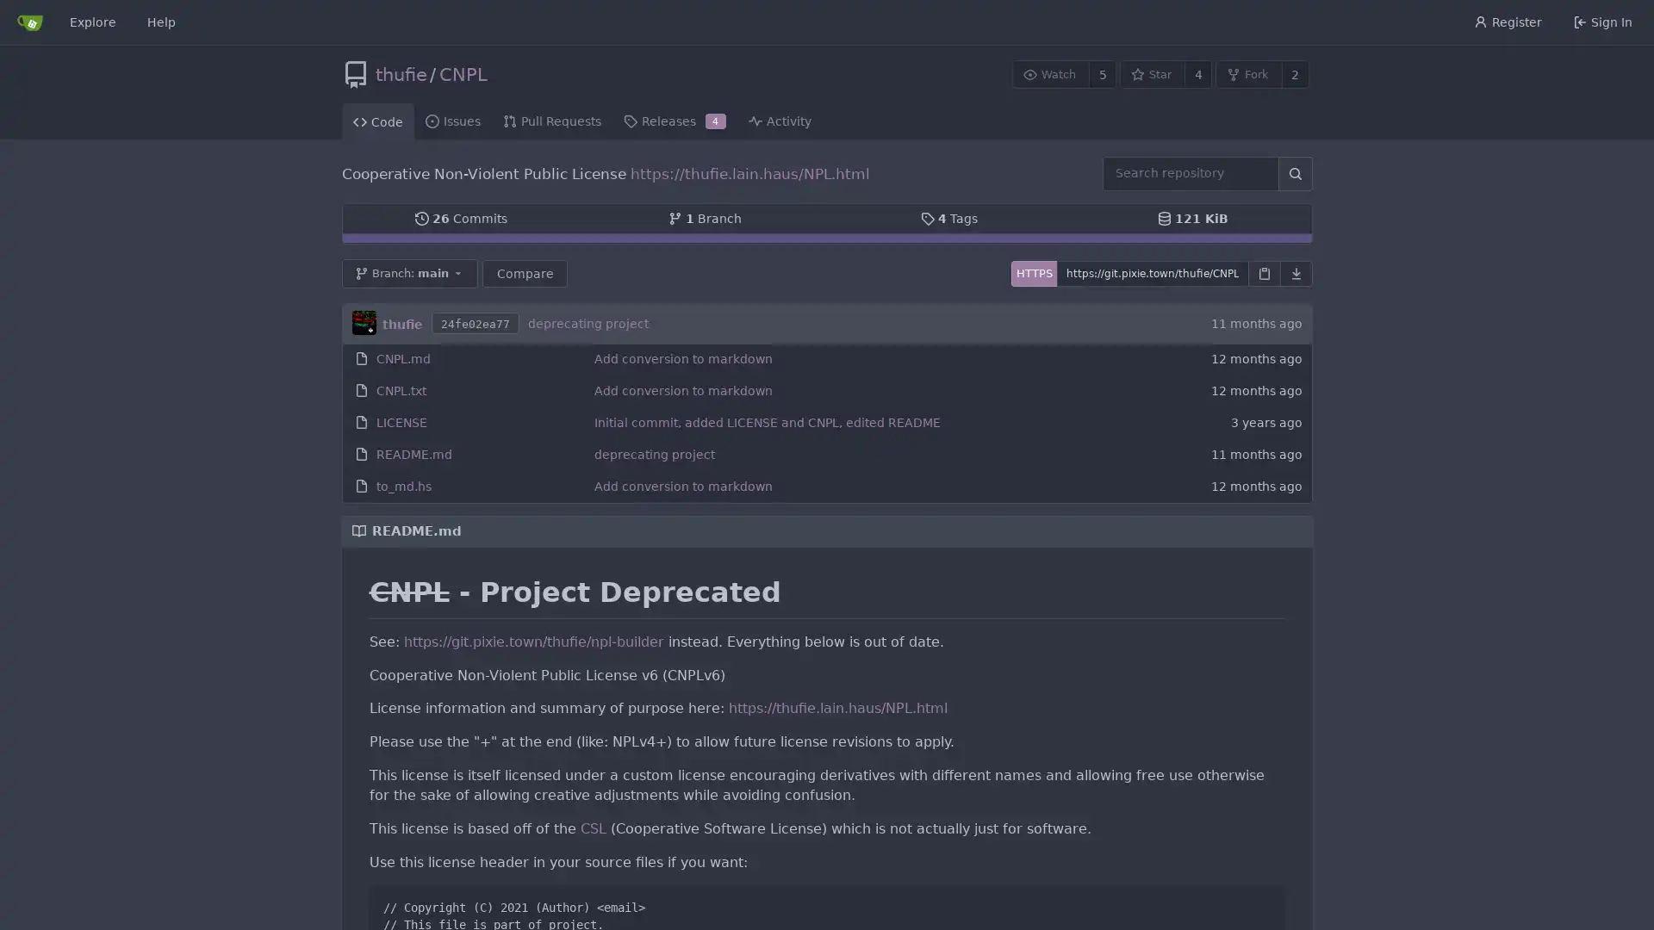 This screenshot has width=1654, height=930. Describe the element at coordinates (1049, 73) in the screenshot. I see `Watch` at that location.